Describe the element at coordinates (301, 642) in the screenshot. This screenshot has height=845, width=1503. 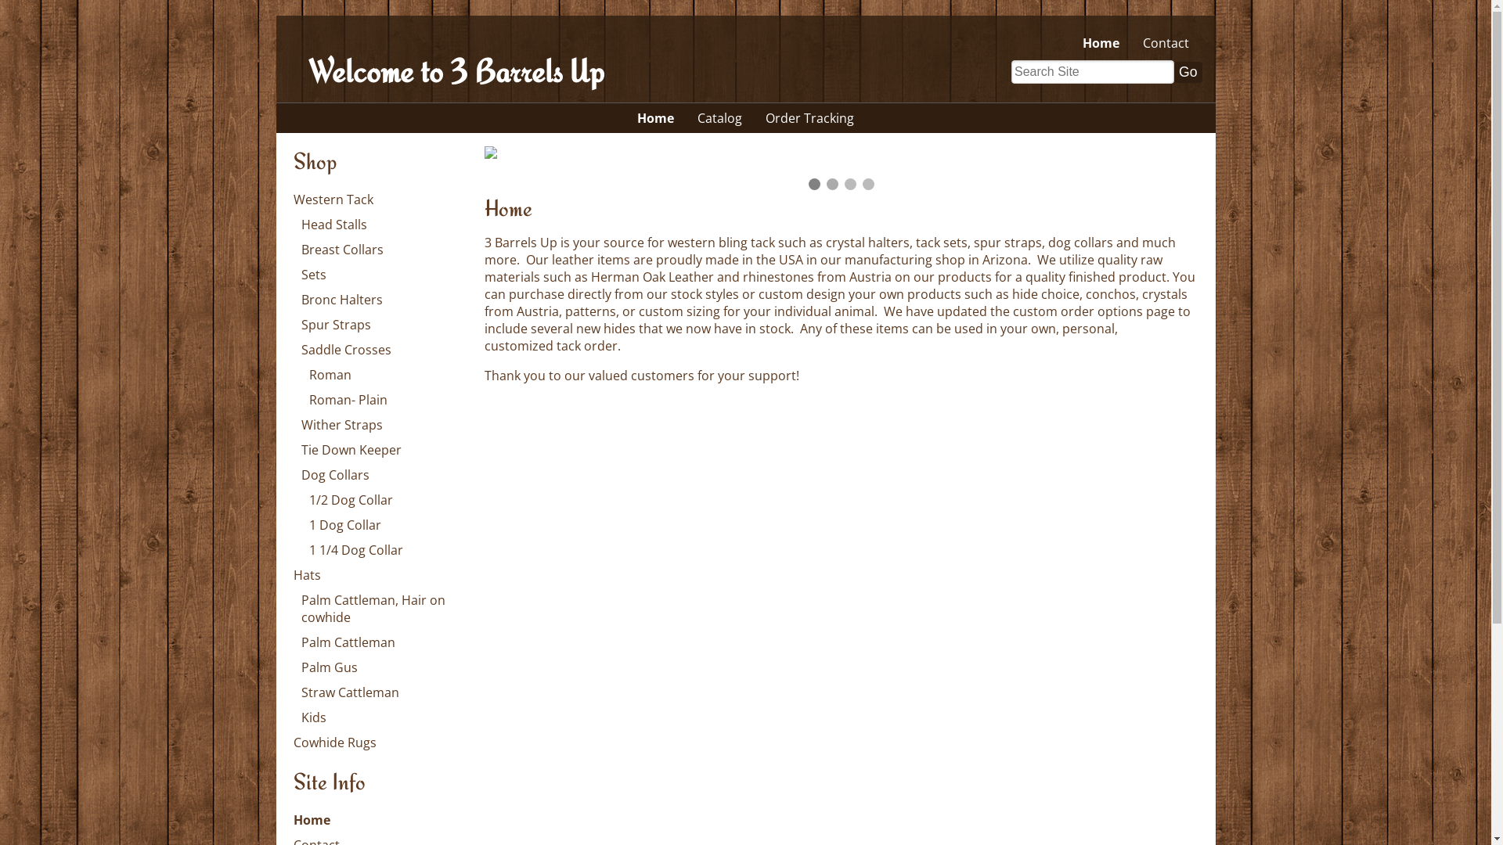
I see `'Palm Cattleman'` at that location.